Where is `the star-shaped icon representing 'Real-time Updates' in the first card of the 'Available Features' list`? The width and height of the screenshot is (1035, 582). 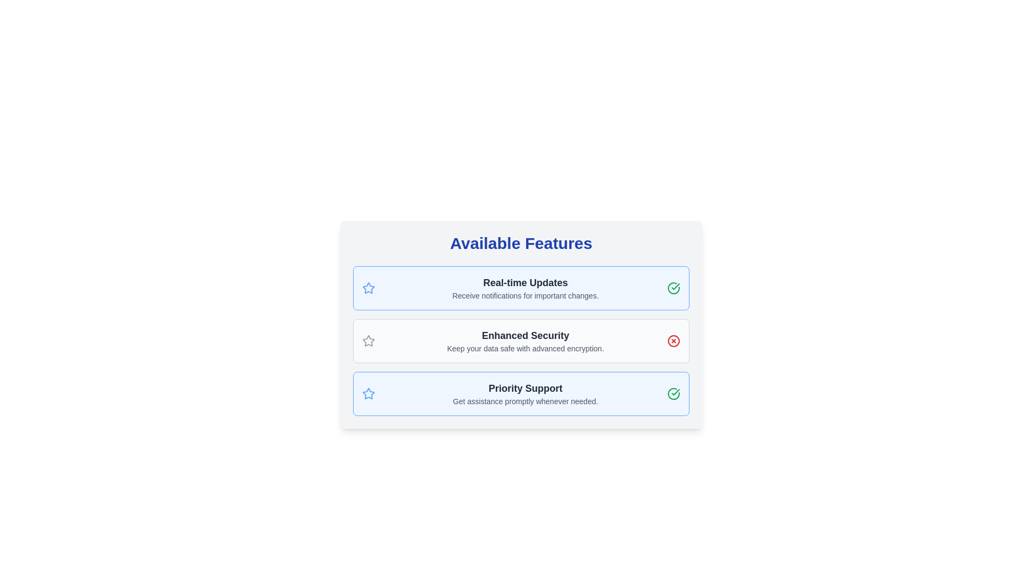
the star-shaped icon representing 'Real-time Updates' in the first card of the 'Available Features' list is located at coordinates (369, 288).